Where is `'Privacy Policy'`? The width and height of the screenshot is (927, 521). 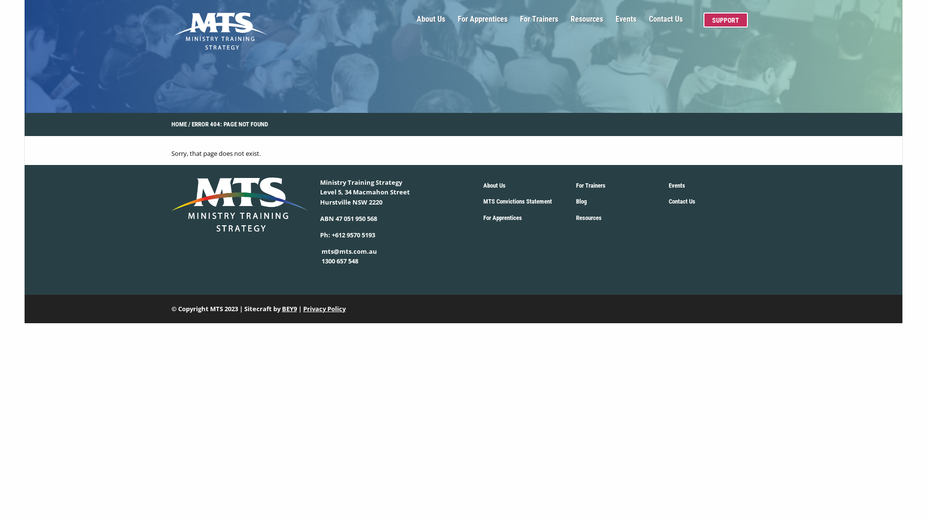
'Privacy Policy' is located at coordinates (324, 309).